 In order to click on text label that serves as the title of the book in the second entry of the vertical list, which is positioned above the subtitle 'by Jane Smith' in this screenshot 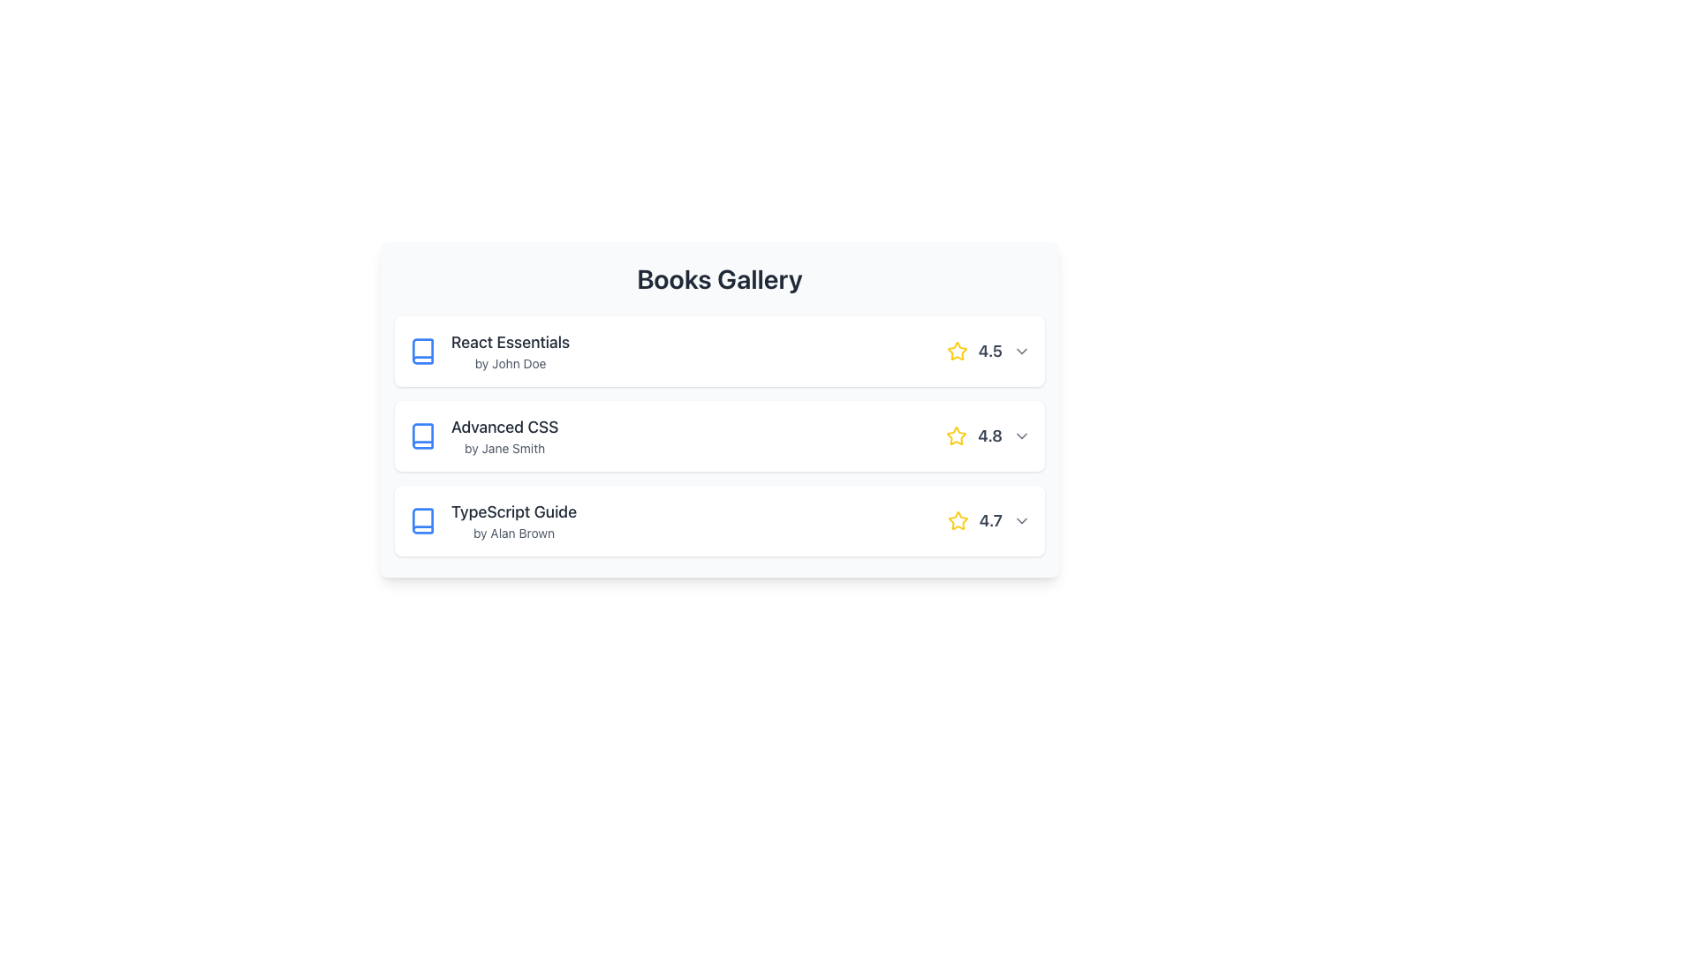, I will do `click(503, 427)`.